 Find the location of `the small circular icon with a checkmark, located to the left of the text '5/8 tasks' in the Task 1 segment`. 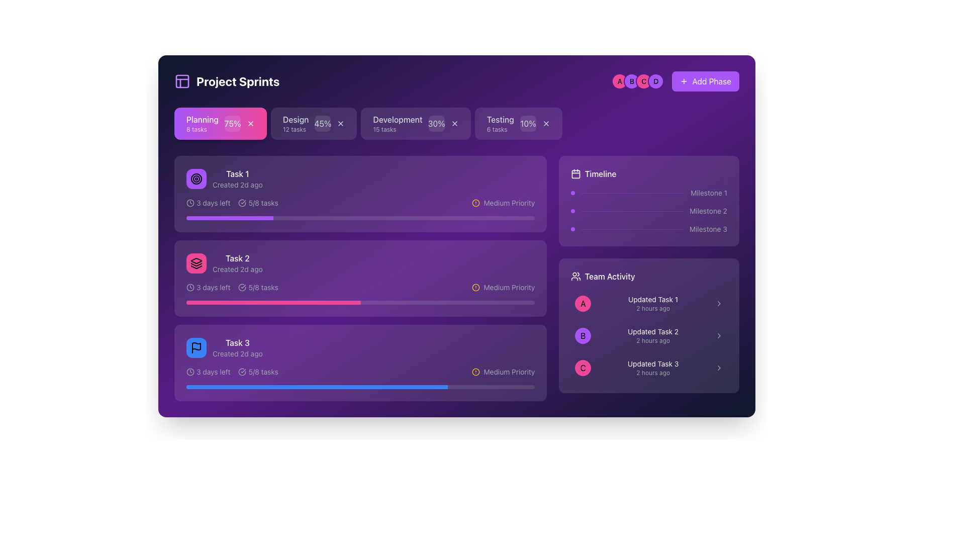

the small circular icon with a checkmark, located to the left of the text '5/8 tasks' in the Task 1 segment is located at coordinates (242, 203).